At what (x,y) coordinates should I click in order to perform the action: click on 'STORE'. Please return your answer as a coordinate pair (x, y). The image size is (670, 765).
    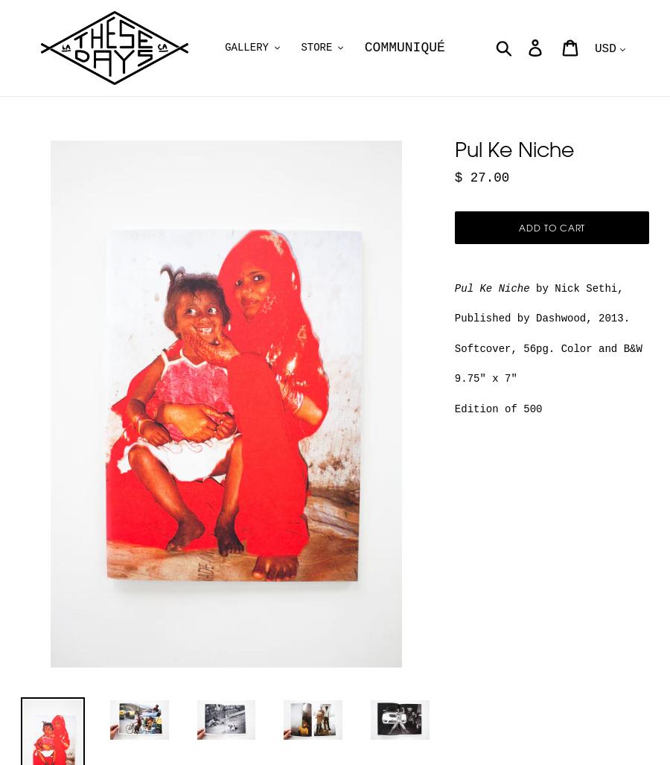
    Looking at the image, I should click on (316, 48).